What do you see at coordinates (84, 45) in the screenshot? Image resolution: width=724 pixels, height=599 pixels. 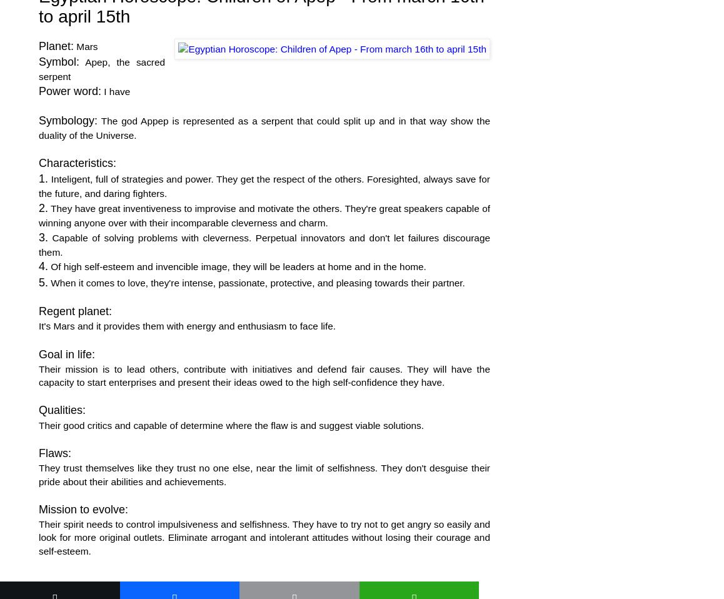 I see `'Mars'` at bounding box center [84, 45].